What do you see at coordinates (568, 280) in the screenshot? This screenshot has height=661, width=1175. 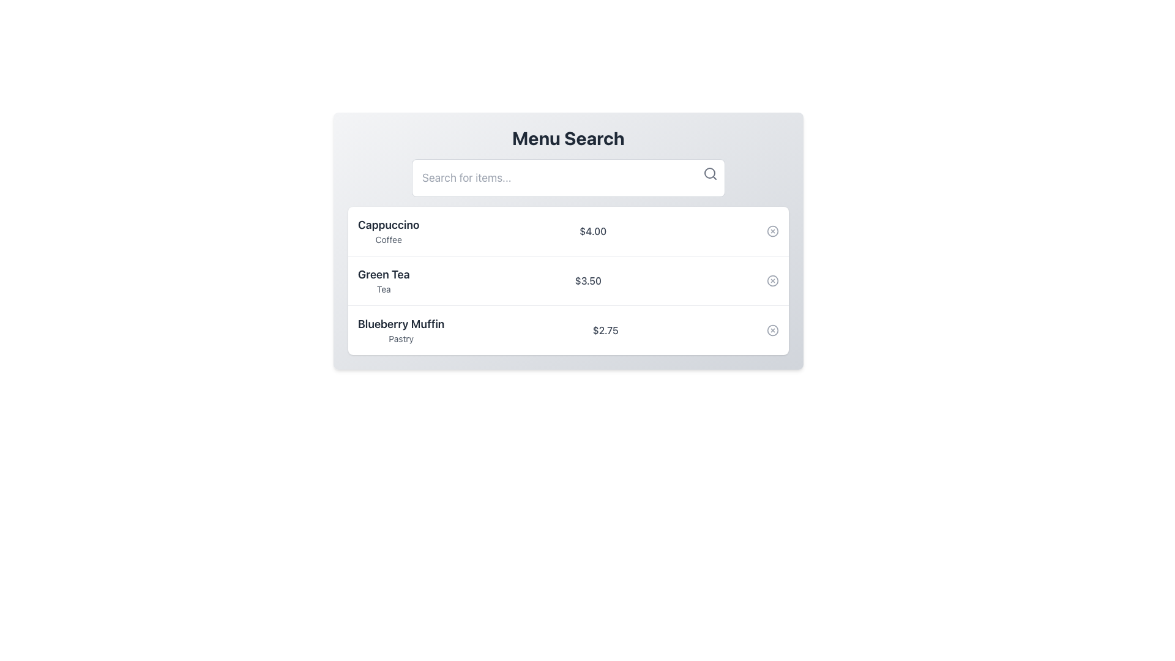 I see `the 'Green Tea' list item card` at bounding box center [568, 280].